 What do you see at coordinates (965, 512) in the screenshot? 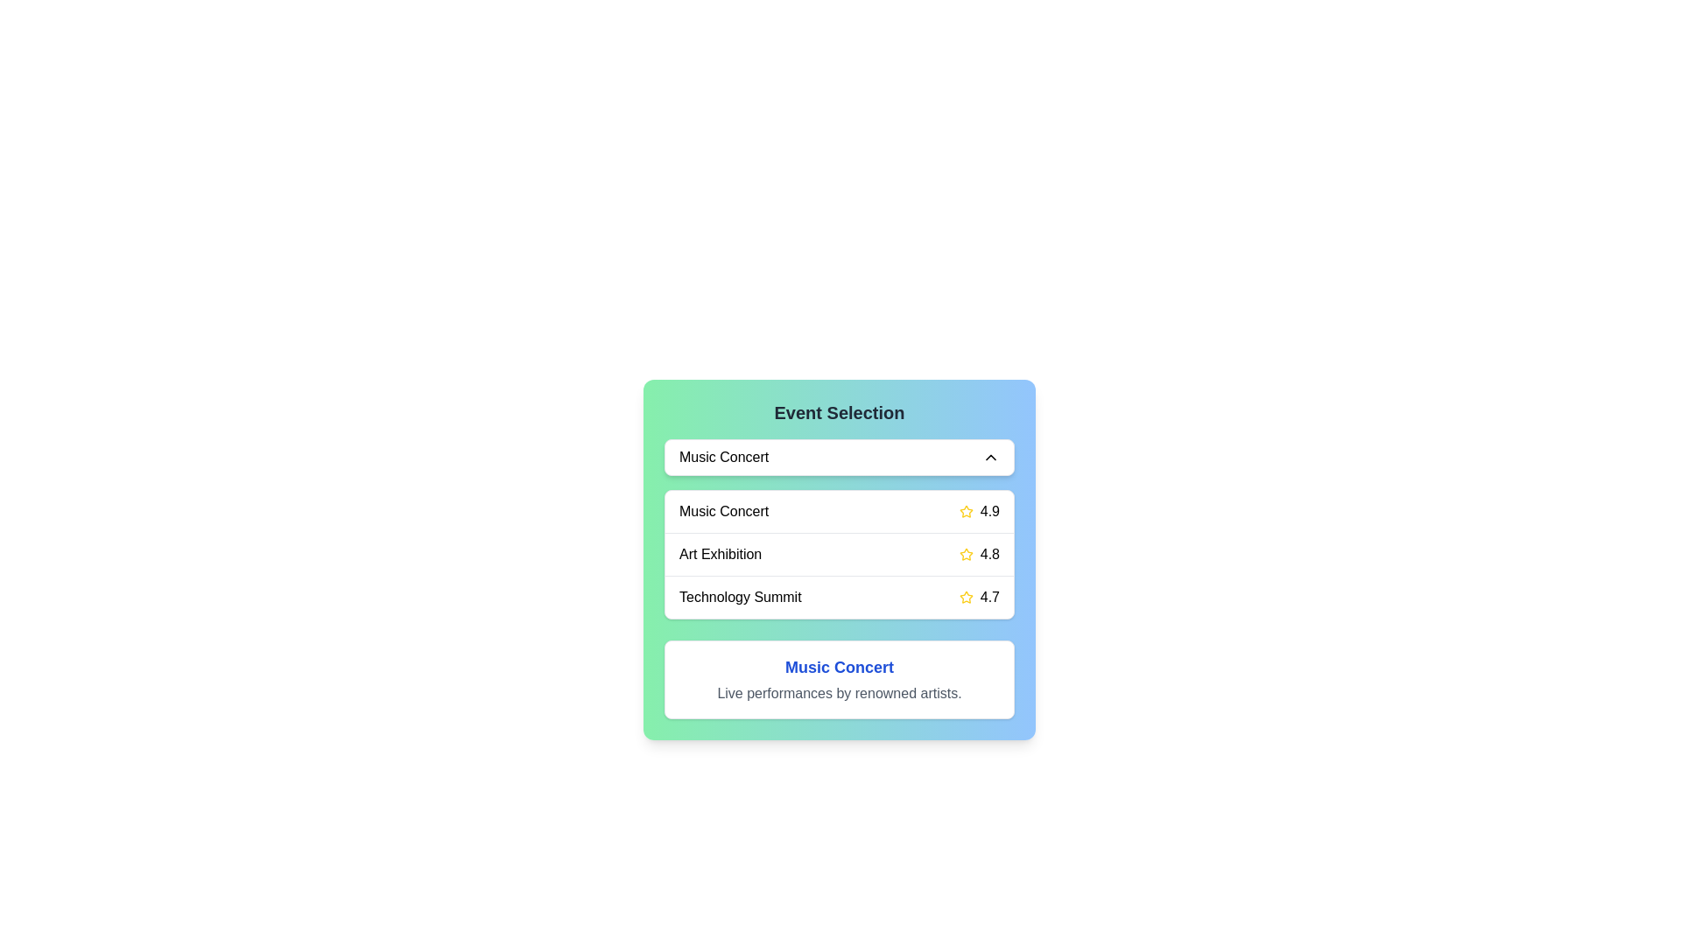
I see `the yellow star-shaped icon indicating a 4.9 rating, located in the third row of the central list box, to the left of '4.9' and to the right of 'Music Concert'` at bounding box center [965, 512].